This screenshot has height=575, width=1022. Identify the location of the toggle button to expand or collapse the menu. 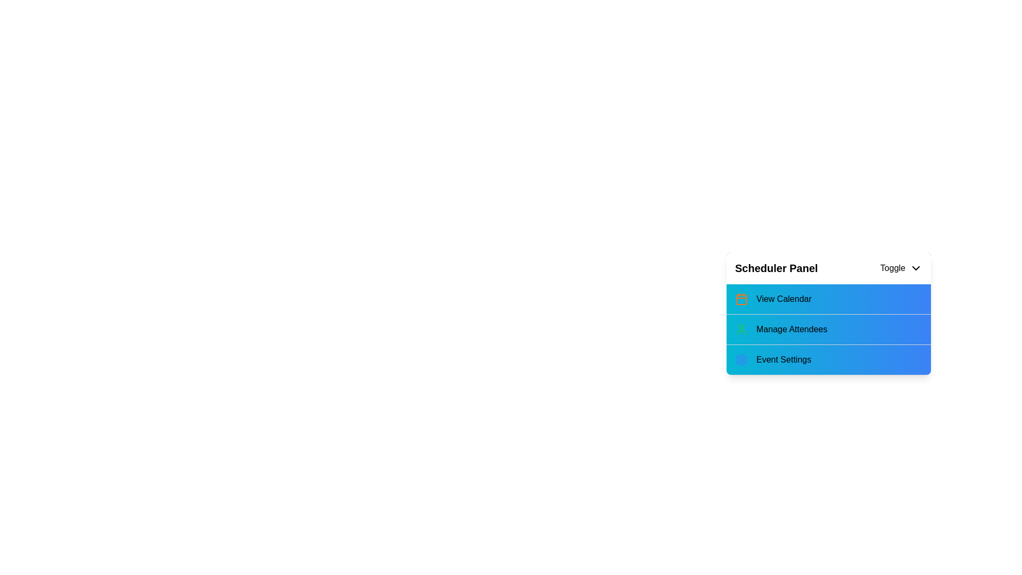
(901, 268).